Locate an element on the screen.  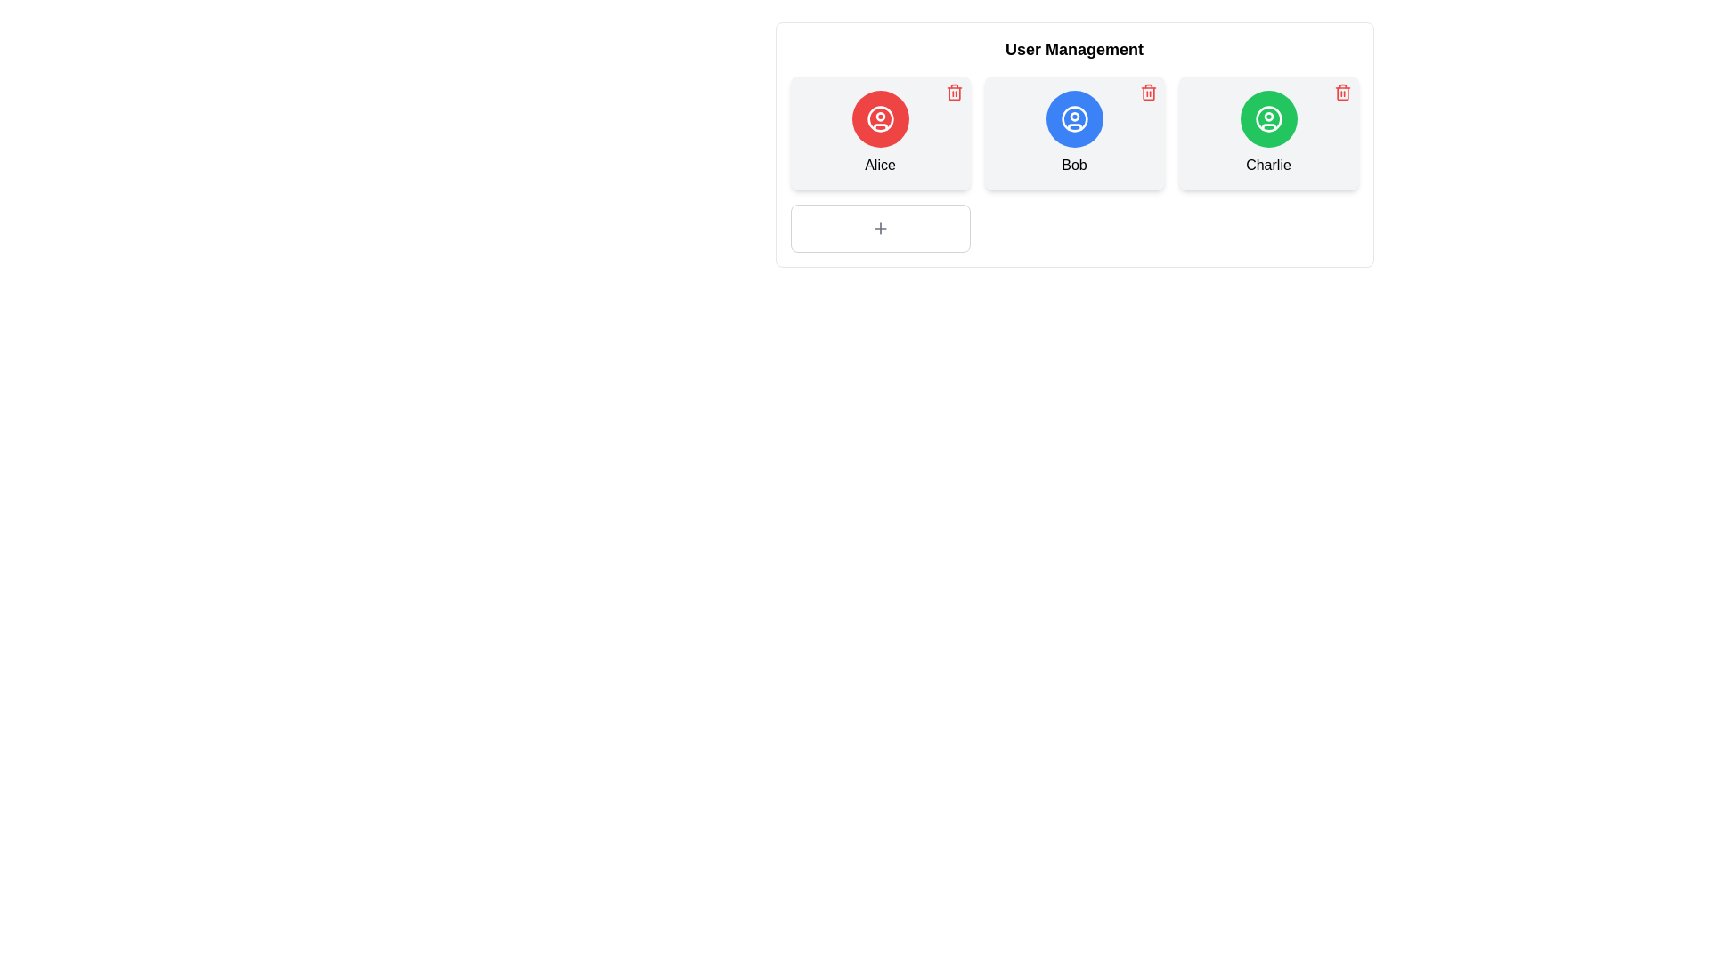
the plus sign icon within the bordered circular button labeled 'Add User' to initiate the 'Add User' function is located at coordinates (880, 228).